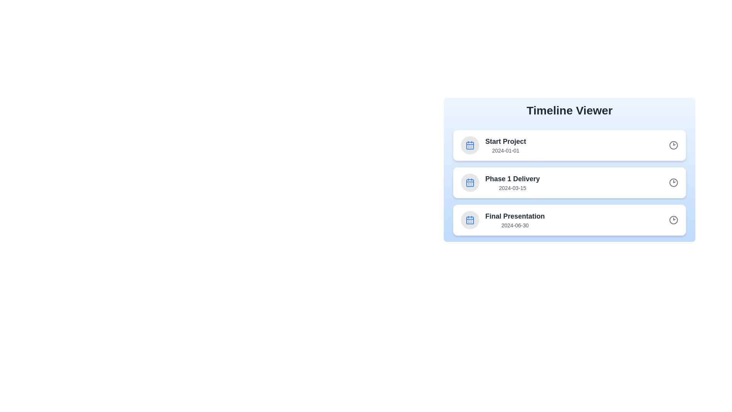  Describe the element at coordinates (493, 145) in the screenshot. I see `the informational card at the top of the 'Timeline Viewer' section` at that location.